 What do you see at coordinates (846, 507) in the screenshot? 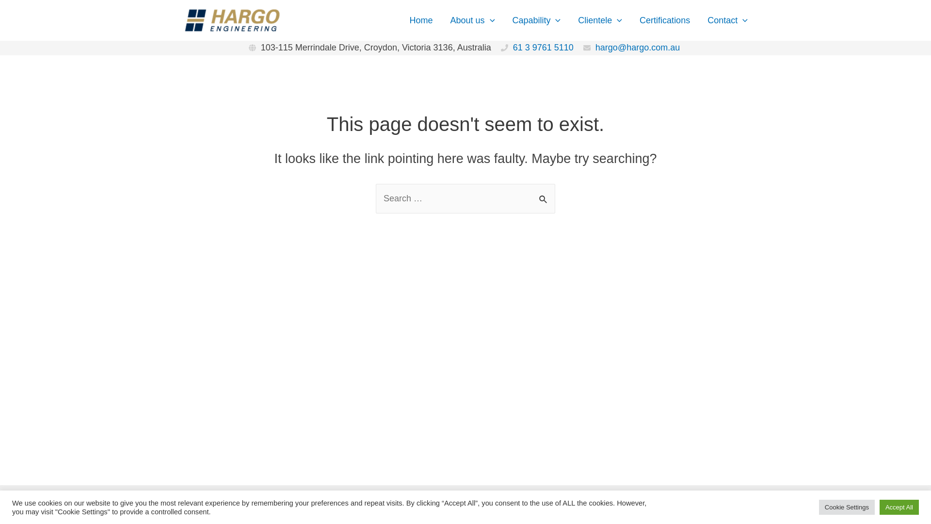
I see `'Cookie Settings'` at bounding box center [846, 507].